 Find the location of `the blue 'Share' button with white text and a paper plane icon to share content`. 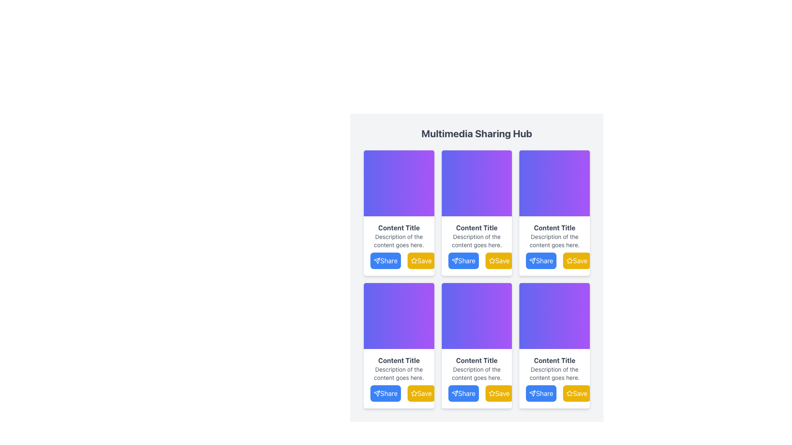

the blue 'Share' button with white text and a paper plane icon to share content is located at coordinates (463, 260).